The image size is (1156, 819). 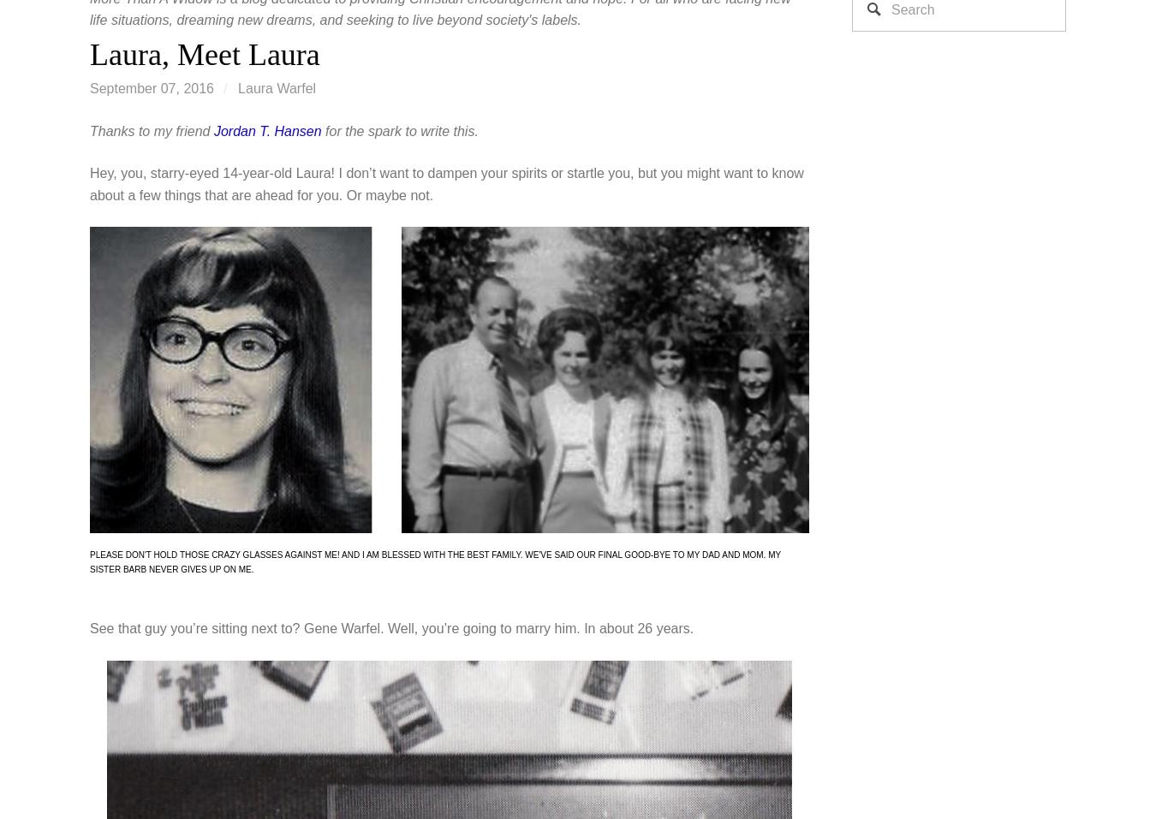 What do you see at coordinates (276, 88) in the screenshot?
I see `'Laura Warfel'` at bounding box center [276, 88].